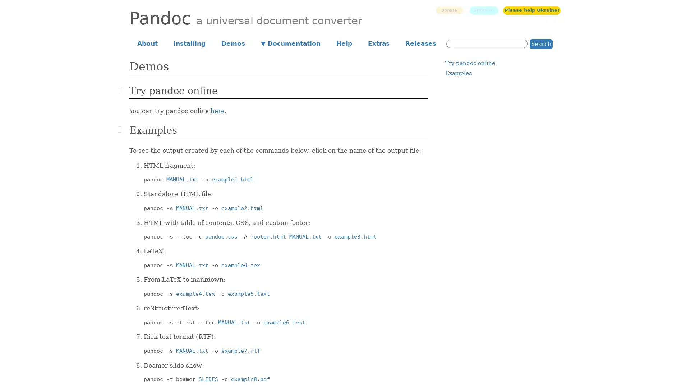 The width and height of the screenshot is (690, 388). I want to click on PayPal - The safer, easier way to pay online!, so click(448, 10).